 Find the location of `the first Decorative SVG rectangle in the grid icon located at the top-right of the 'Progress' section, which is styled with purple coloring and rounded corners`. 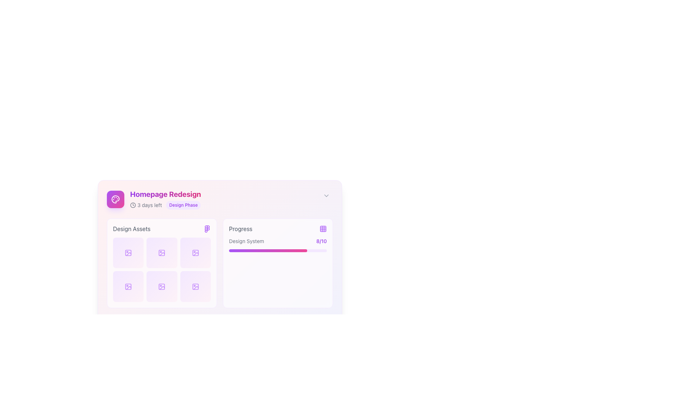

the first Decorative SVG rectangle in the grid icon located at the top-right of the 'Progress' section, which is styled with purple coloring and rounded corners is located at coordinates (322, 228).